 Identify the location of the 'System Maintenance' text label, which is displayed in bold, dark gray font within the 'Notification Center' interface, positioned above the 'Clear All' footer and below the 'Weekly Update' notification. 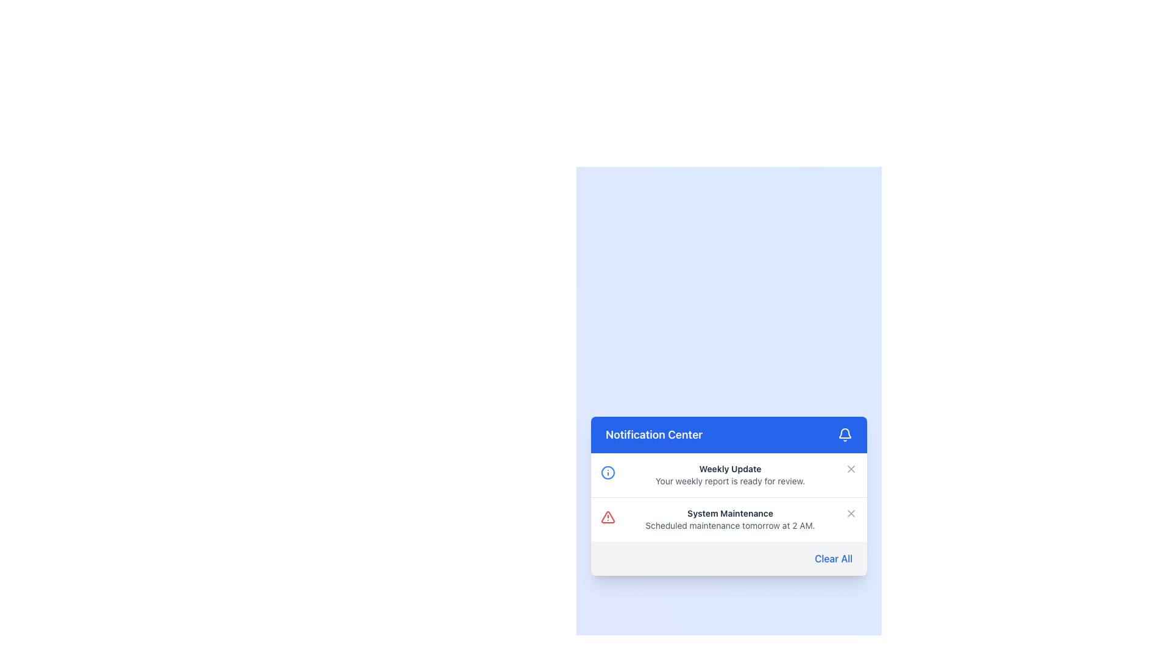
(730, 513).